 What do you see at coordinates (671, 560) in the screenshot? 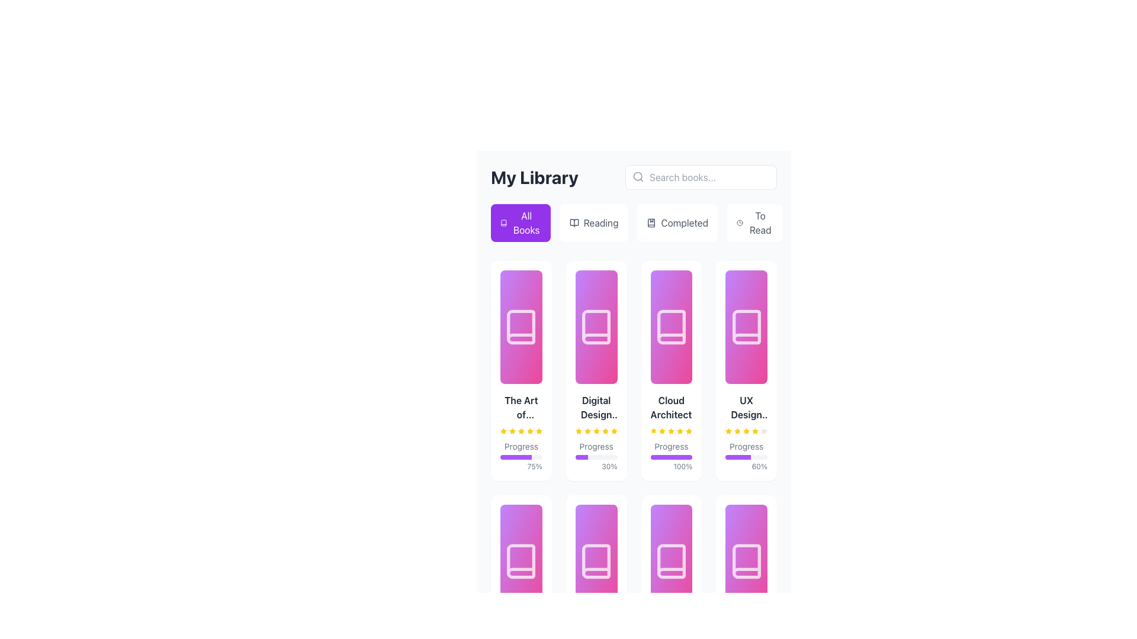
I see `the SVG-based book icon located in the 'My Library' section, which is positioned in the second row and third column of the grid layout` at bounding box center [671, 560].